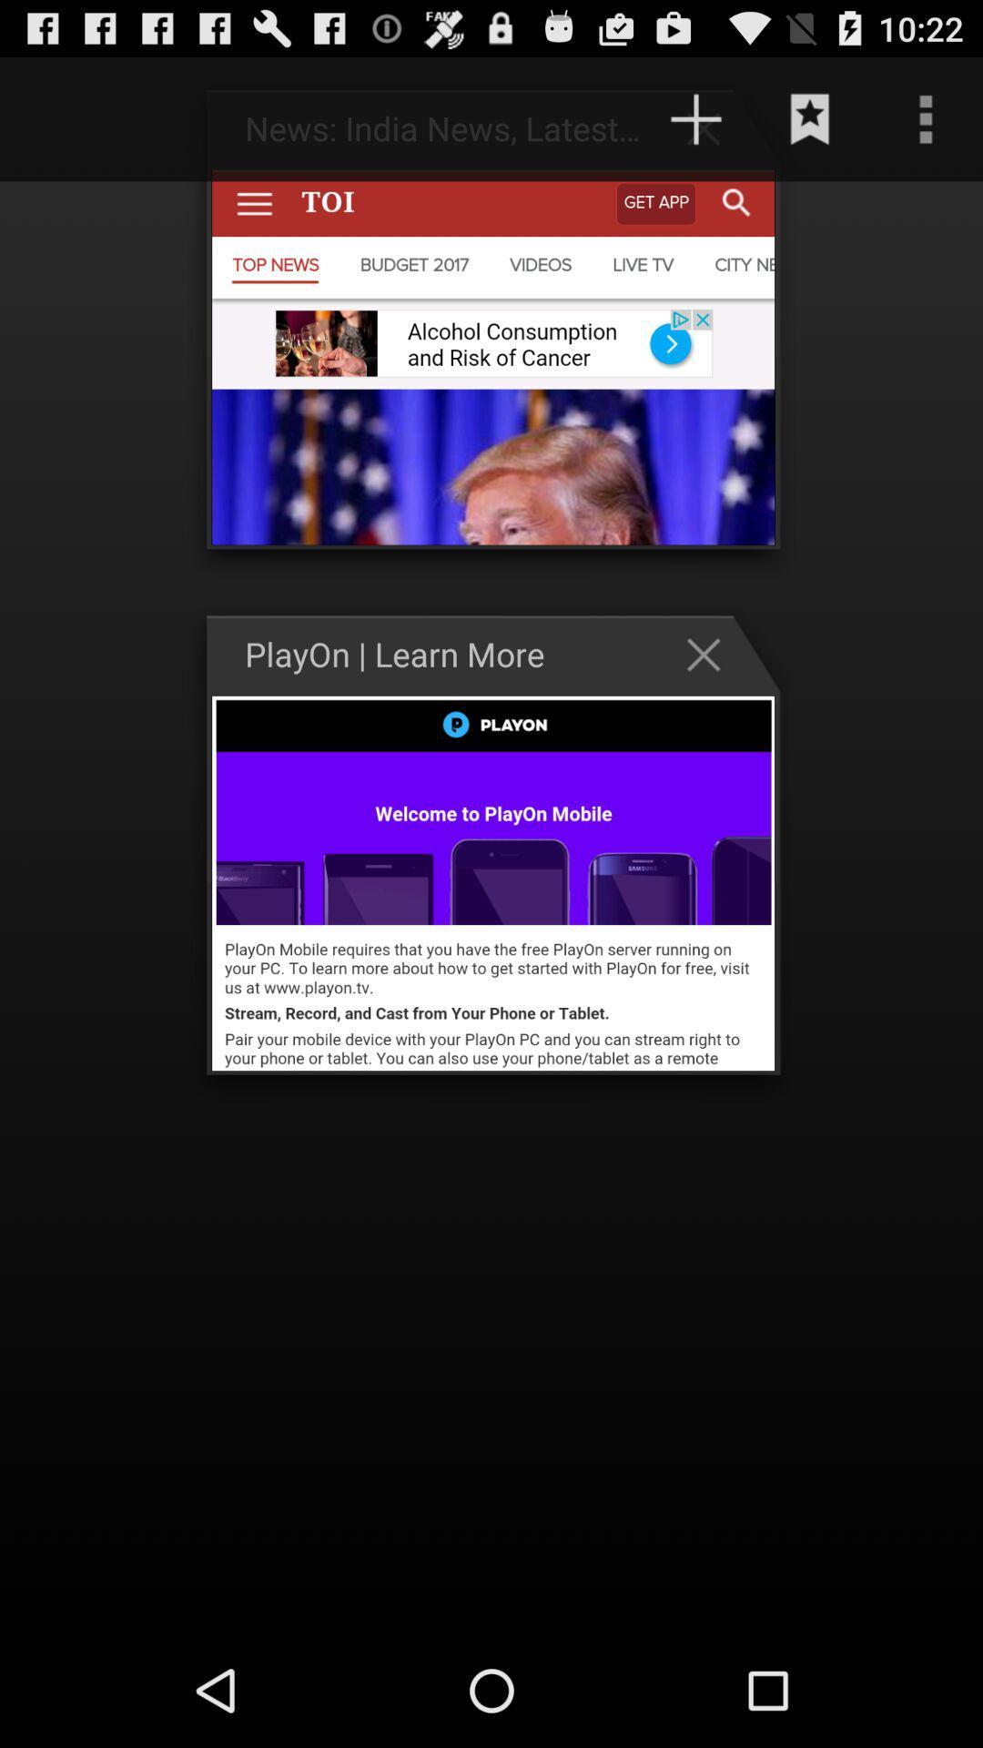 This screenshot has width=983, height=1748. What do you see at coordinates (543, 118) in the screenshot?
I see `icon above the playon | learn more` at bounding box center [543, 118].